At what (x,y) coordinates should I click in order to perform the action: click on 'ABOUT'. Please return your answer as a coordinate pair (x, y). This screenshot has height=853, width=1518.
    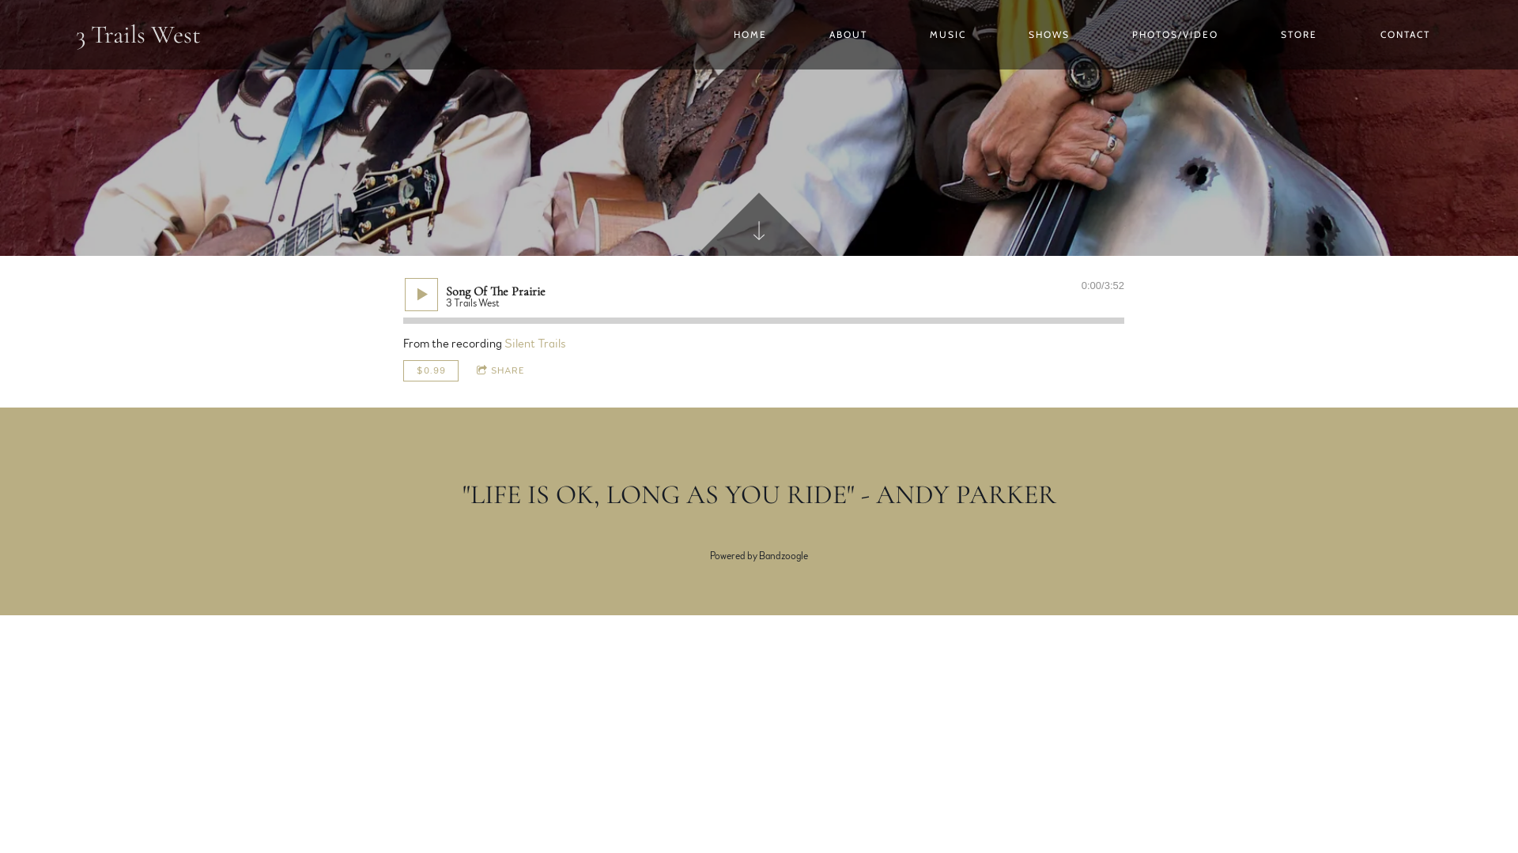
    Looking at the image, I should click on (816, 34).